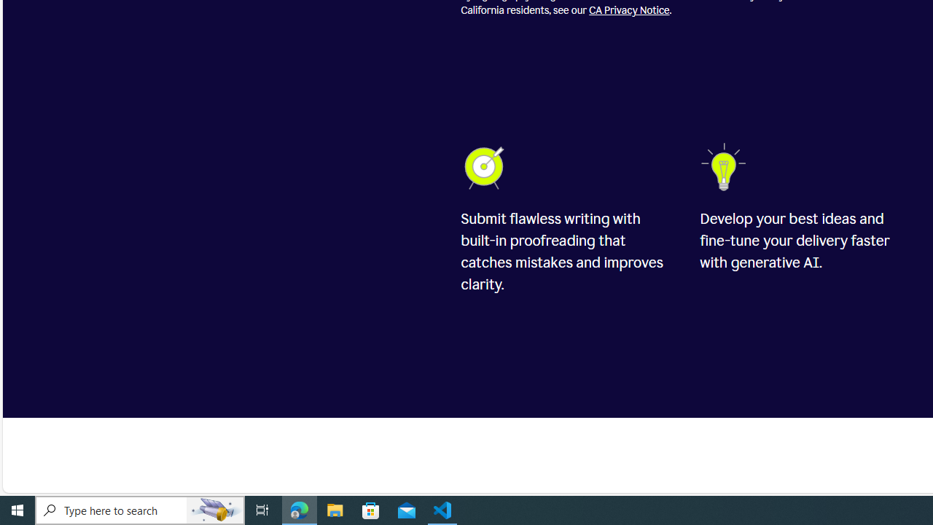 Image resolution: width=933 pixels, height=525 pixels. Describe the element at coordinates (486, 166) in the screenshot. I see `'Target with arrow'` at that location.